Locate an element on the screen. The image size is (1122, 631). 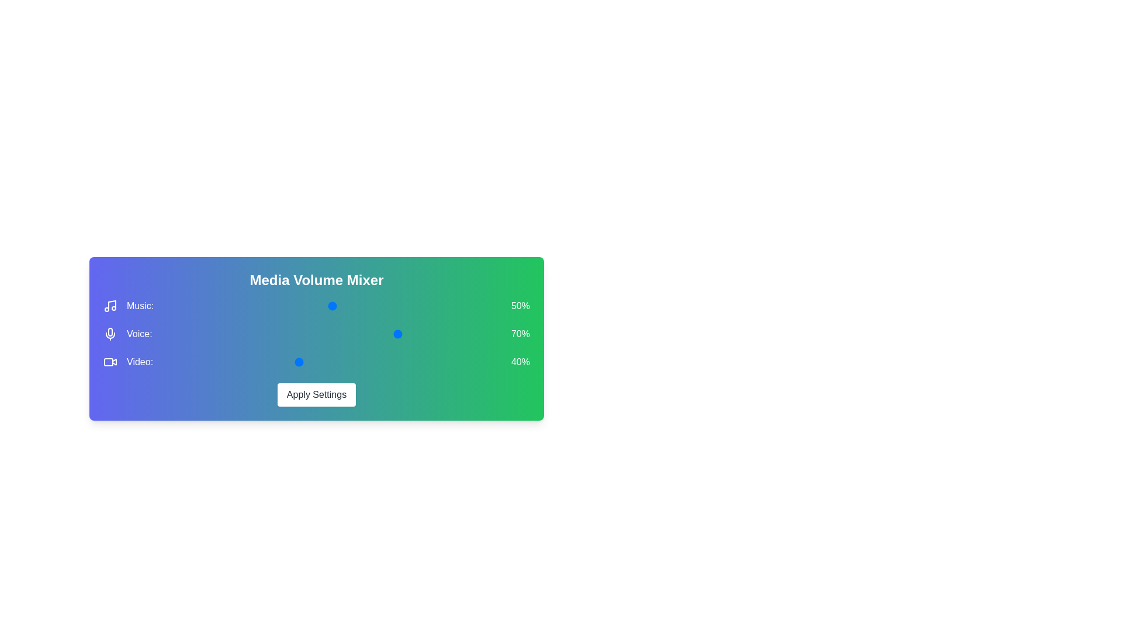
the 1 volume to 16% by moving the corresponding slider is located at coordinates (358, 334).